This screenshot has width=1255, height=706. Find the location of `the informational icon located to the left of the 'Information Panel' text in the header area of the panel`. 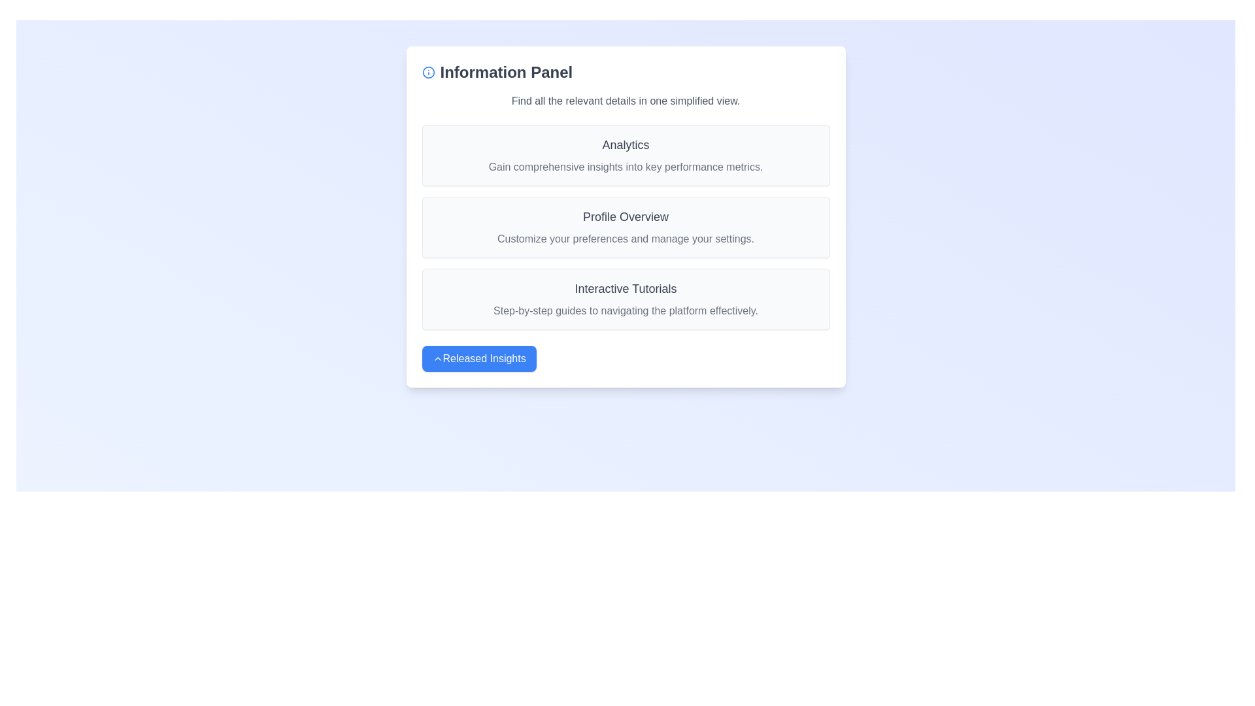

the informational icon located to the left of the 'Information Panel' text in the header area of the panel is located at coordinates (428, 73).